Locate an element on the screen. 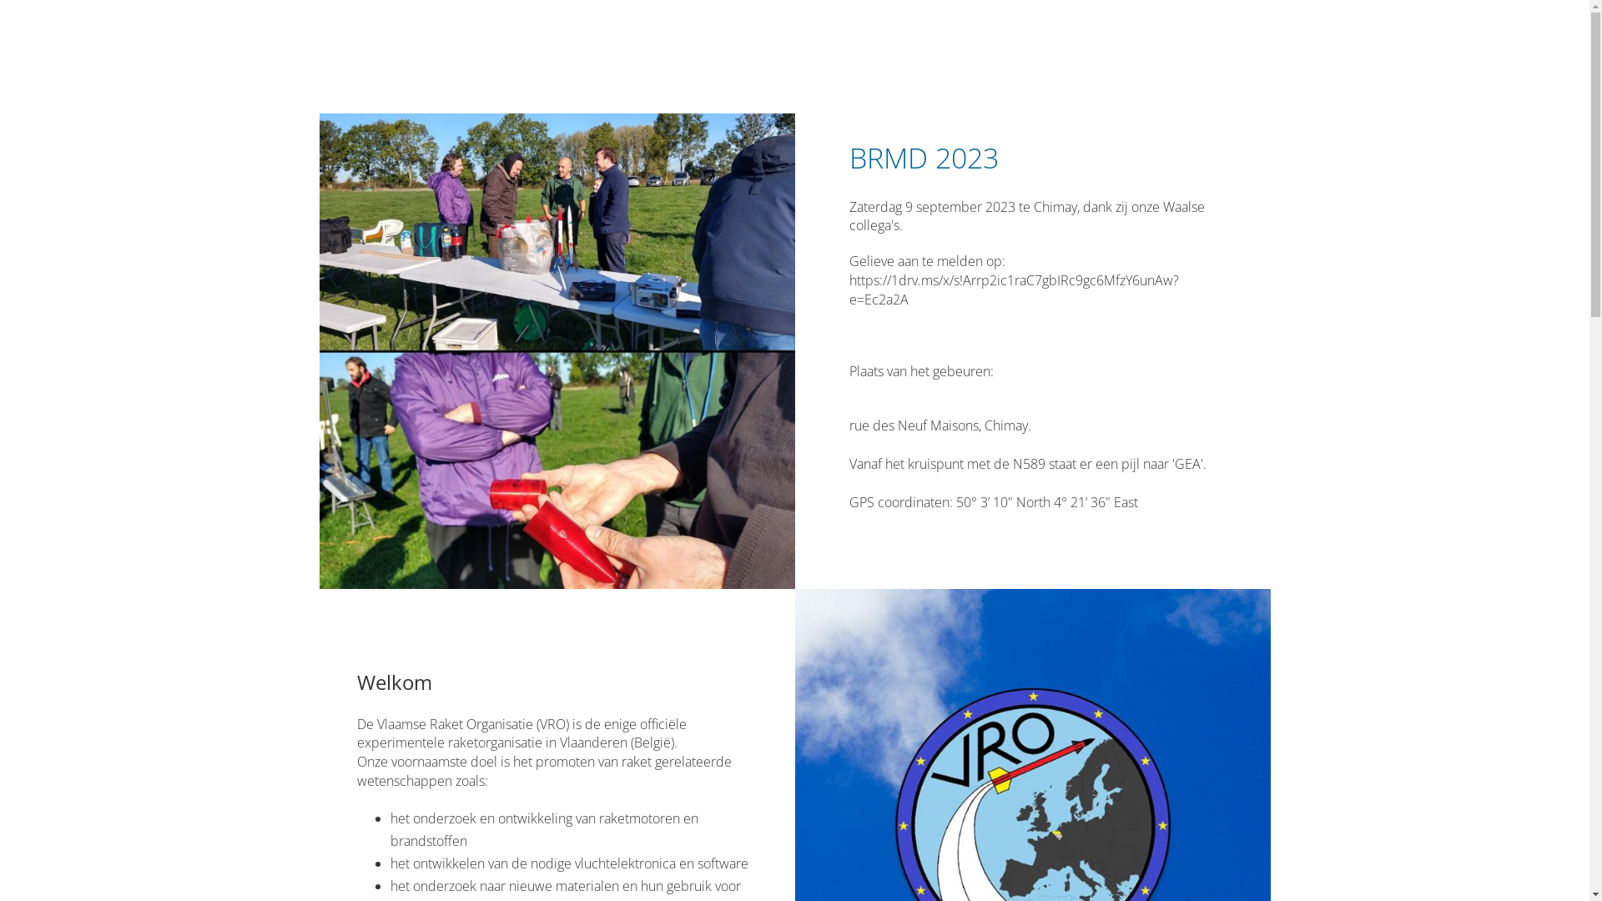  'Vlaamse Raket Organisatie' is located at coordinates (465, 49).